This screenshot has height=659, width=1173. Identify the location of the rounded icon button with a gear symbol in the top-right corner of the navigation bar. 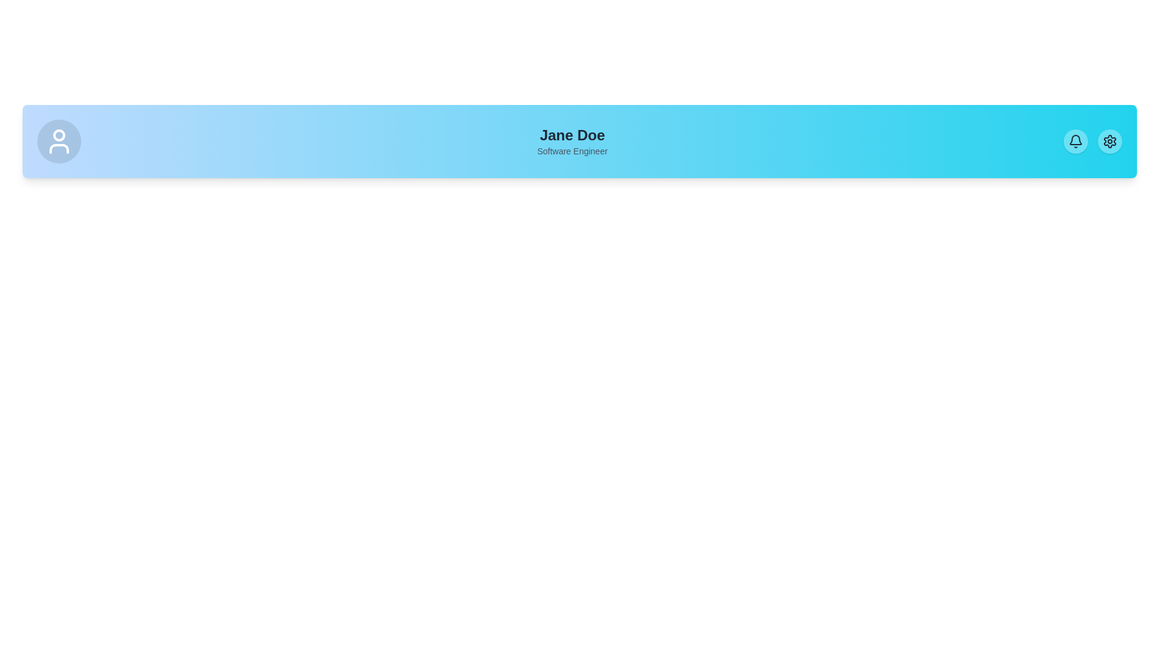
(1110, 140).